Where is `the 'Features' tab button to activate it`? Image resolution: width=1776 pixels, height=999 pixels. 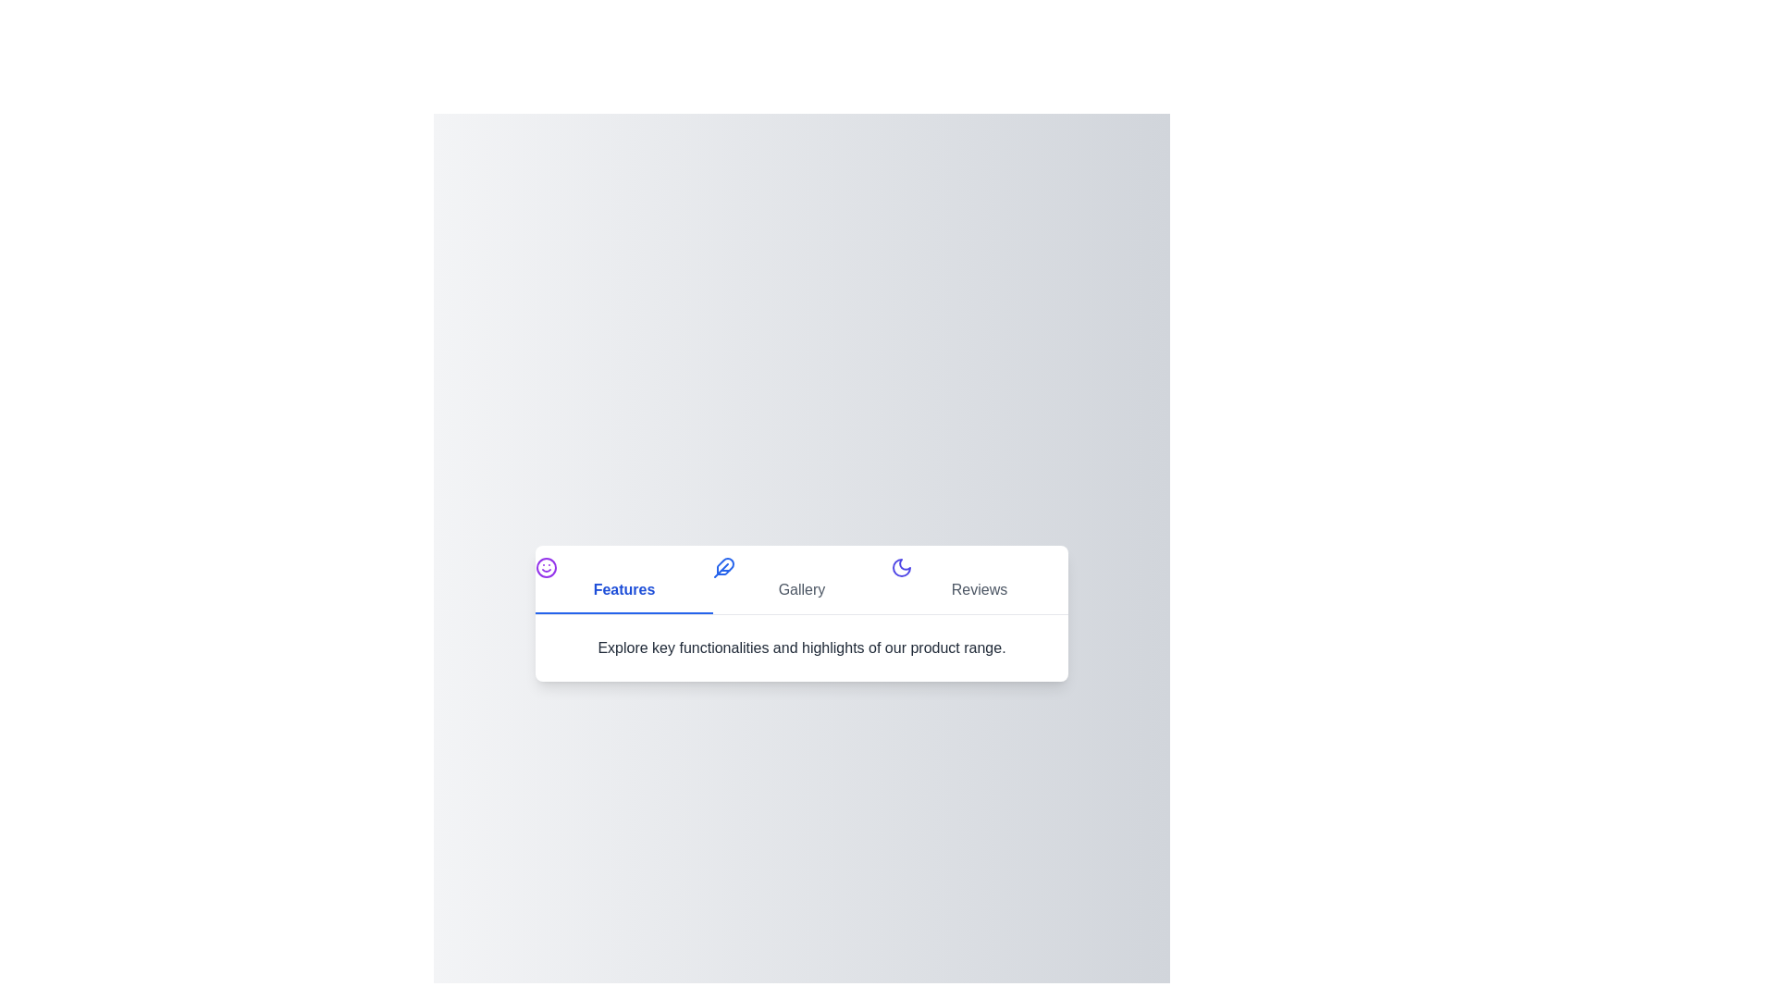
the 'Features' tab button to activate it is located at coordinates (624, 578).